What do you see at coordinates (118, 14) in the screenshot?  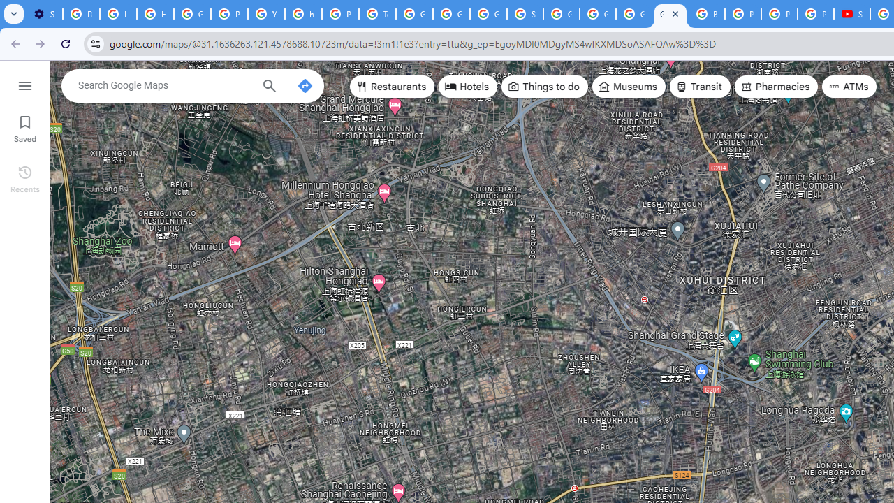 I see `'Learn how to find your photos - Google Photos Help'` at bounding box center [118, 14].